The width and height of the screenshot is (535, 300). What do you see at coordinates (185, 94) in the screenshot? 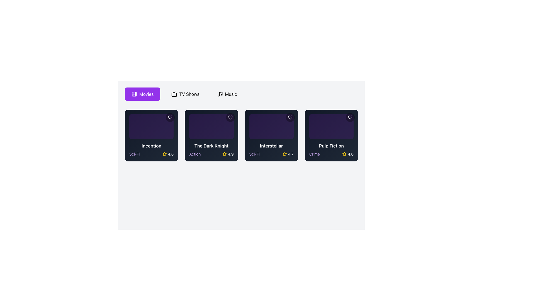
I see `the TV Shows button located at the center of the horizontal row of options to activate the hover effect` at bounding box center [185, 94].